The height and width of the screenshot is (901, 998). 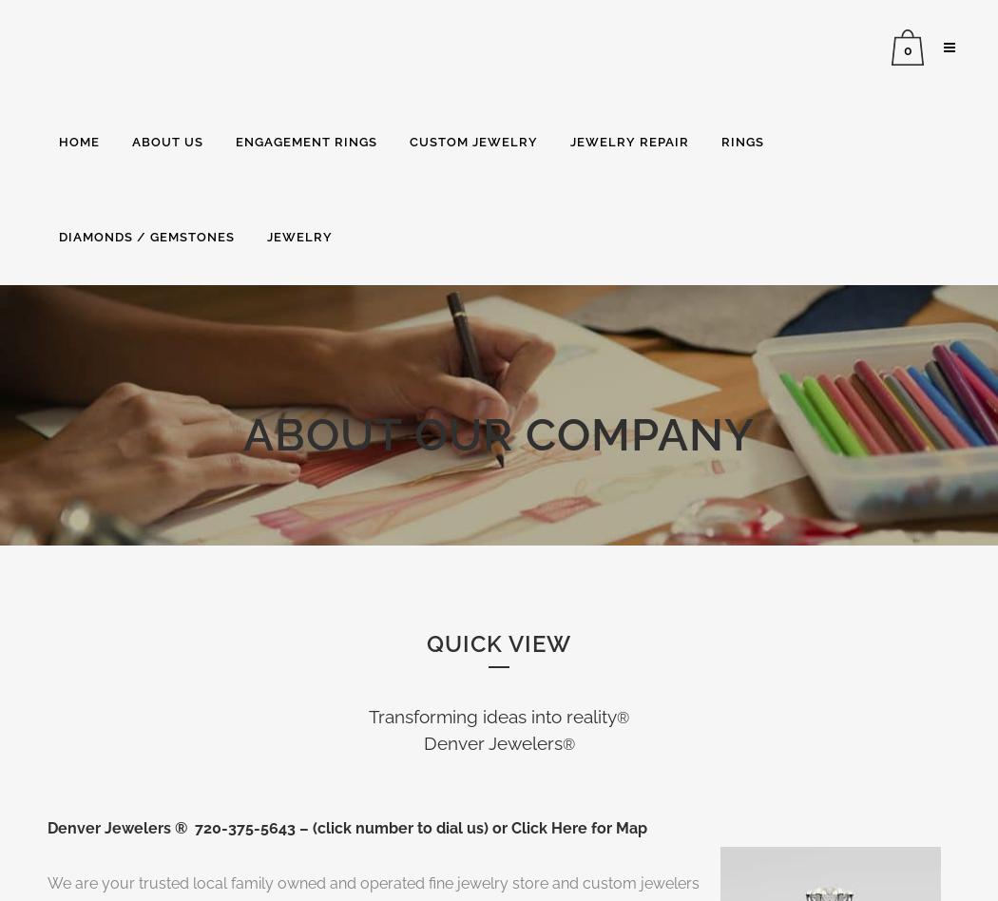 What do you see at coordinates (193, 827) in the screenshot?
I see `'720-375-5643'` at bounding box center [193, 827].